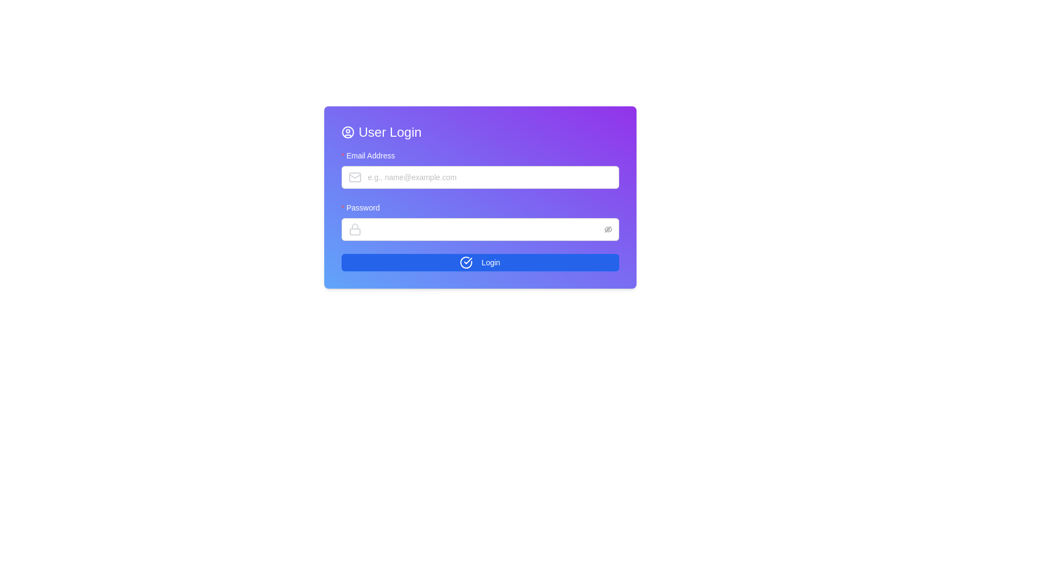  Describe the element at coordinates (355, 177) in the screenshot. I see `the email icon, which is an envelope shape with a gray outline, positioned inside the 'Email Address' input field` at that location.